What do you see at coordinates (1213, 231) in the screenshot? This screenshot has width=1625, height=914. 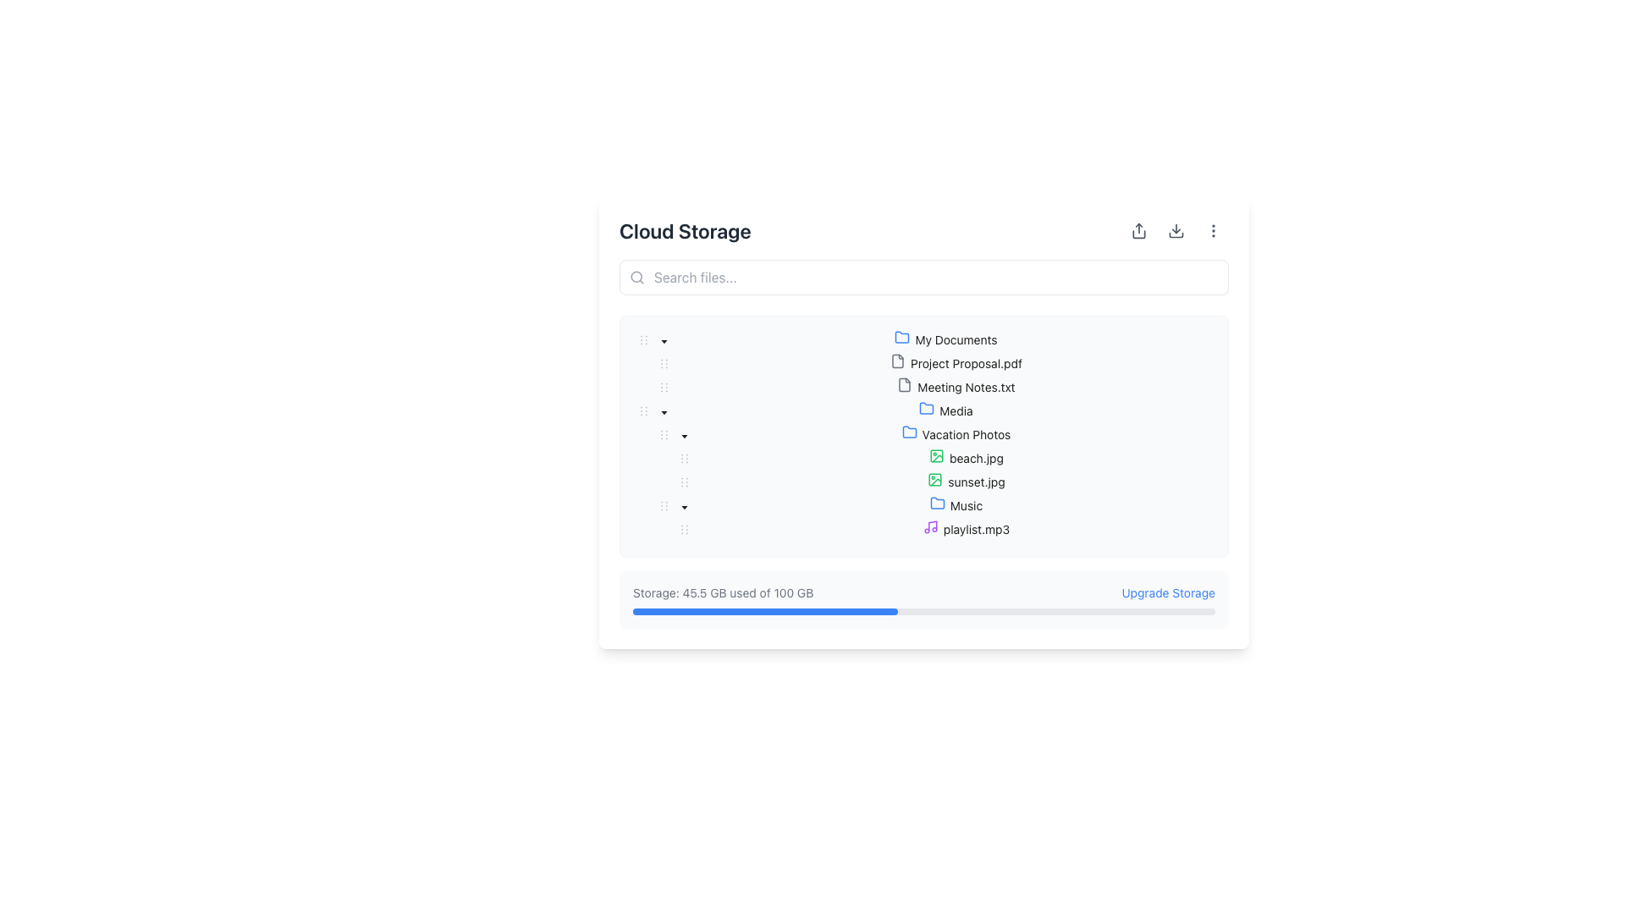 I see `the vertical ellipsis menu icon, which is represented by three vertically-aligned gray dots located in the top-right corner of the cloud storage interface` at bounding box center [1213, 231].